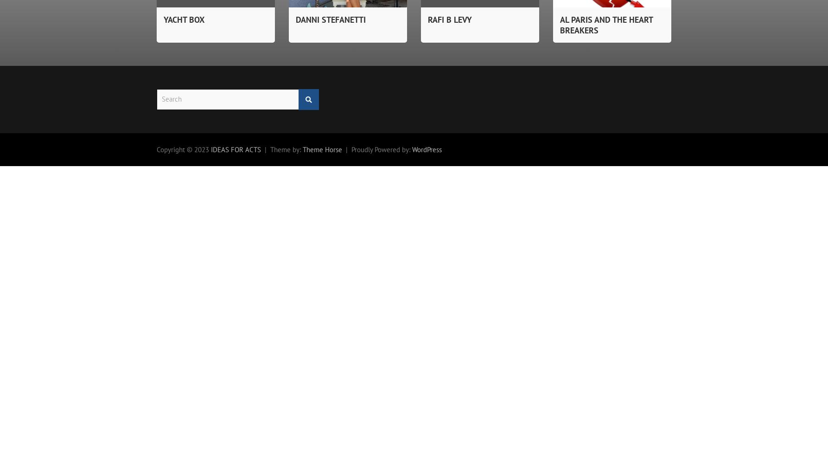 This screenshot has width=828, height=464. Describe the element at coordinates (184, 148) in the screenshot. I see `'Copyright © 2023'` at that location.